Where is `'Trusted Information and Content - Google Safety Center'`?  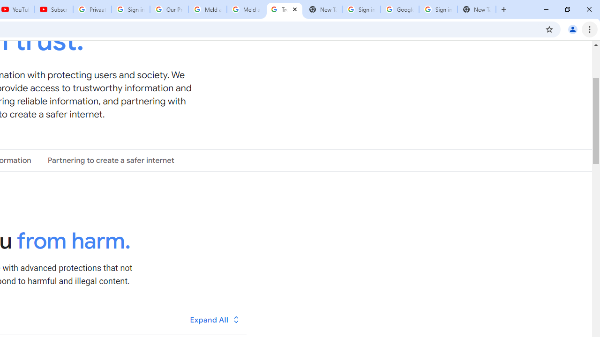 'Trusted Information and Content - Google Safety Center' is located at coordinates (284, 9).